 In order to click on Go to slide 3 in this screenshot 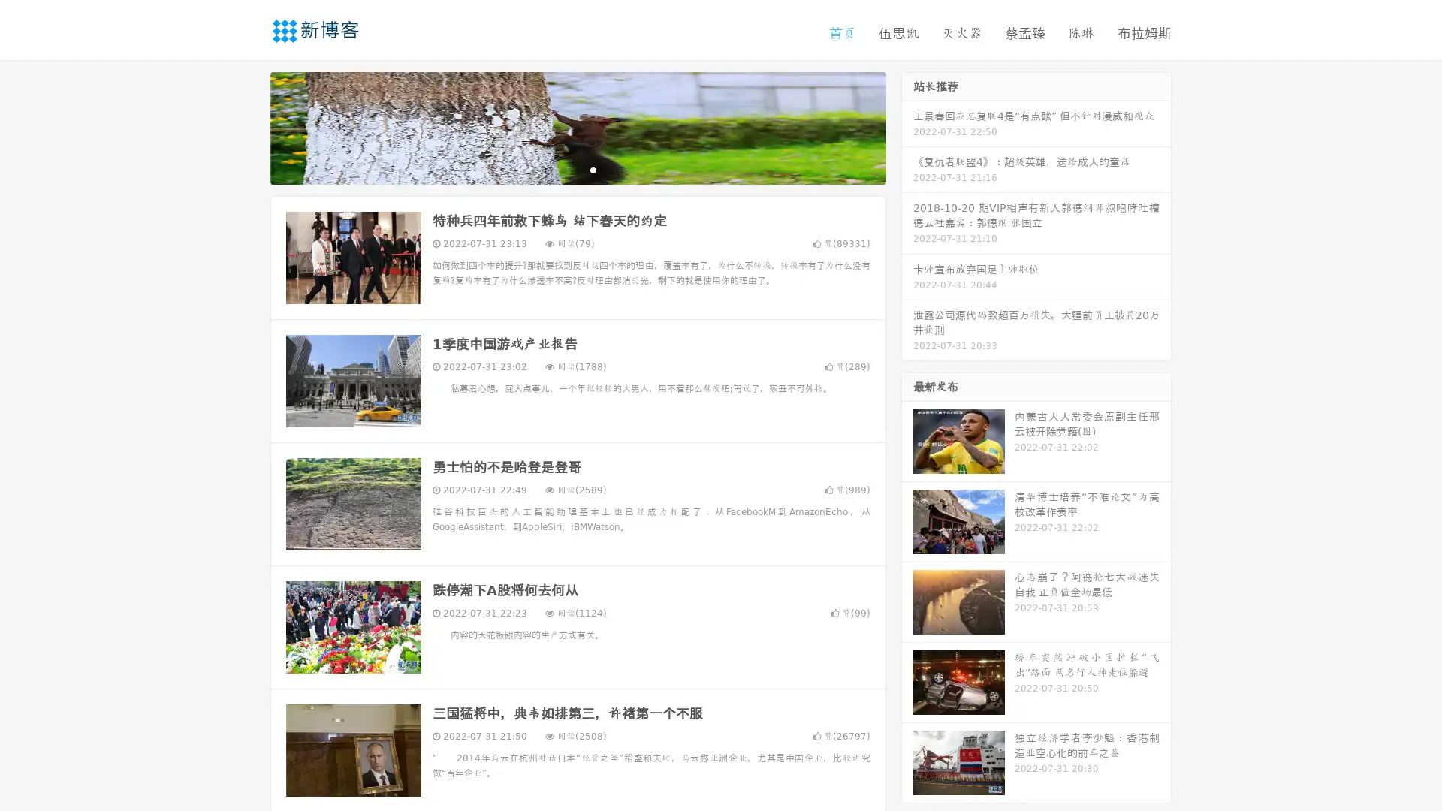, I will do `click(593, 169)`.